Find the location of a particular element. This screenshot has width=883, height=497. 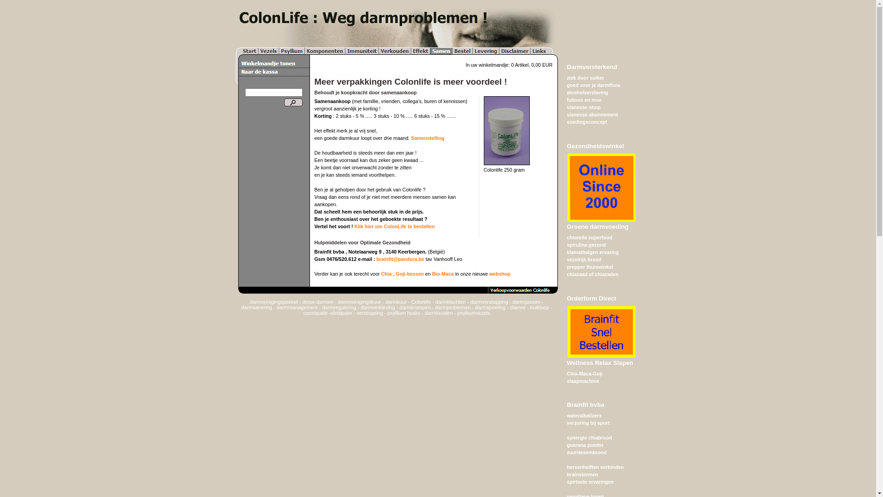

'Chia-Maca-Goji' is located at coordinates (584, 374).